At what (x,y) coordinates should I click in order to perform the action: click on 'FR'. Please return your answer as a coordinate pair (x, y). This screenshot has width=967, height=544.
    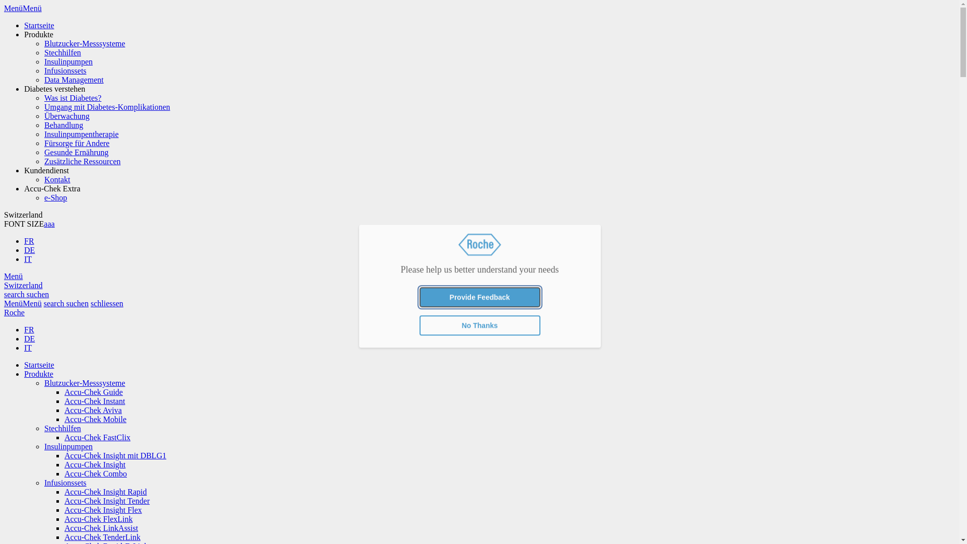
    Looking at the image, I should click on (29, 329).